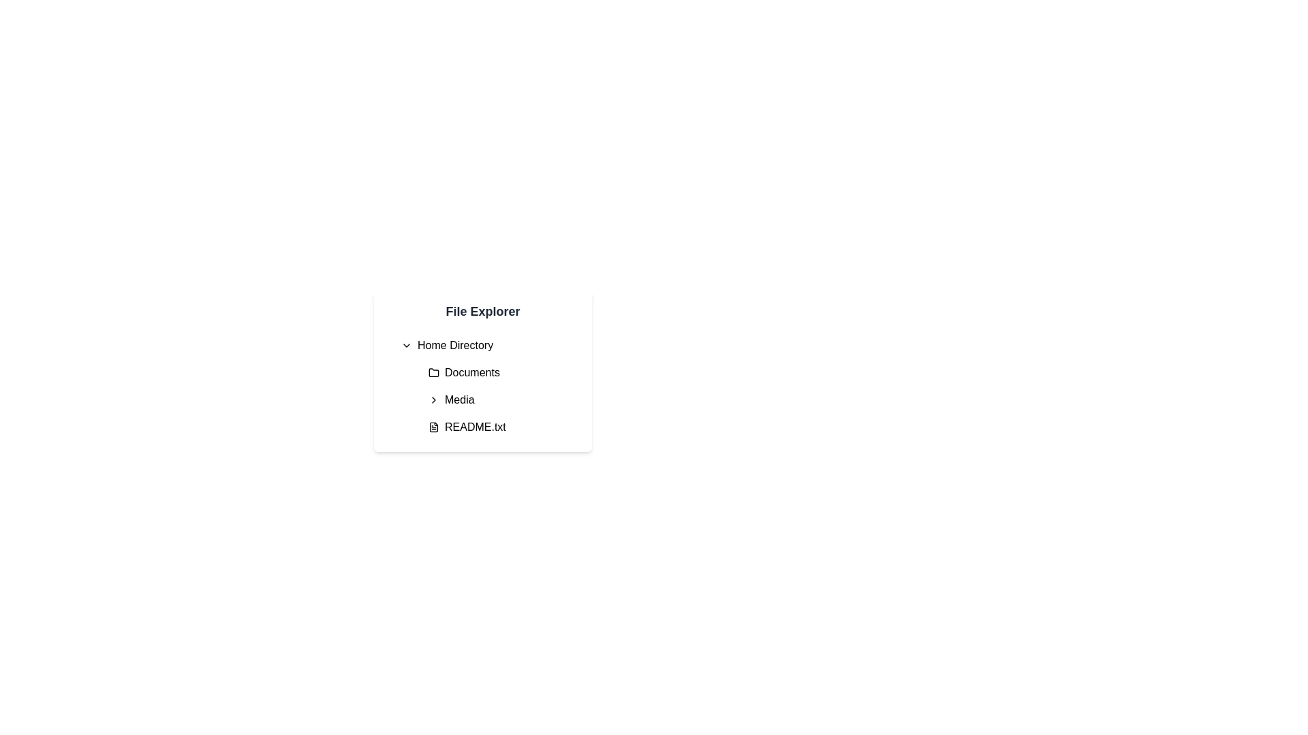 Image resolution: width=1308 pixels, height=735 pixels. I want to click on the 'README.txt' file icon located in the 'File Explorer' UI section to associate it with its label, so click(433, 427).